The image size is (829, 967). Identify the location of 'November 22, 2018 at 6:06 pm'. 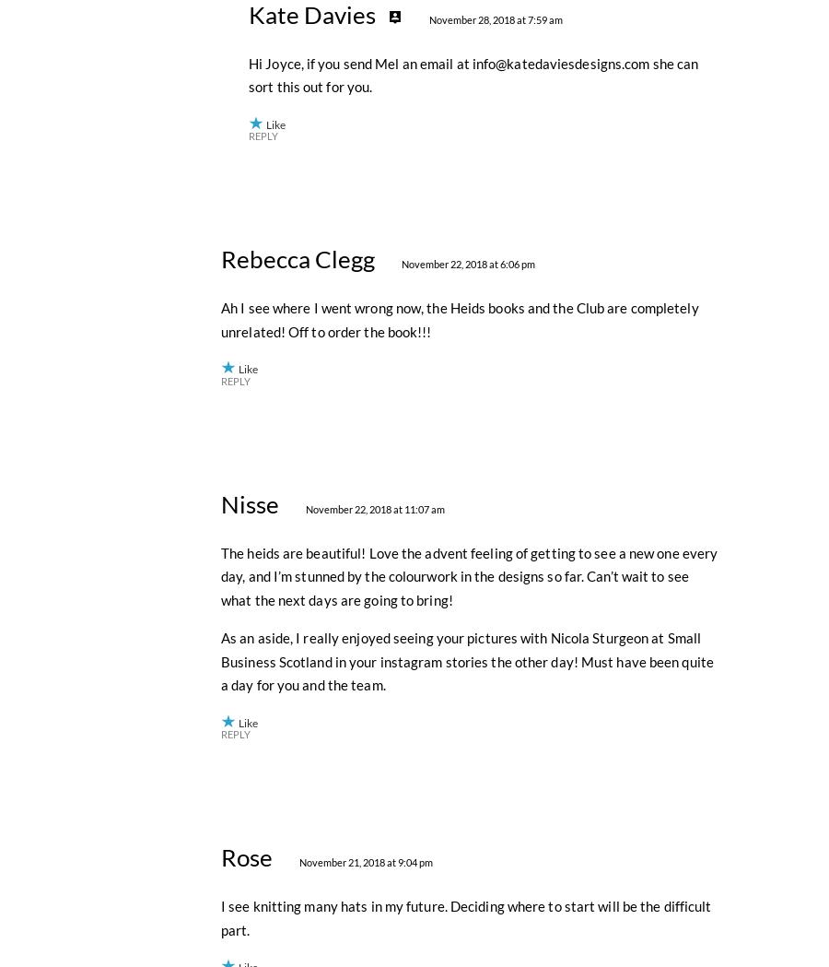
(466, 668).